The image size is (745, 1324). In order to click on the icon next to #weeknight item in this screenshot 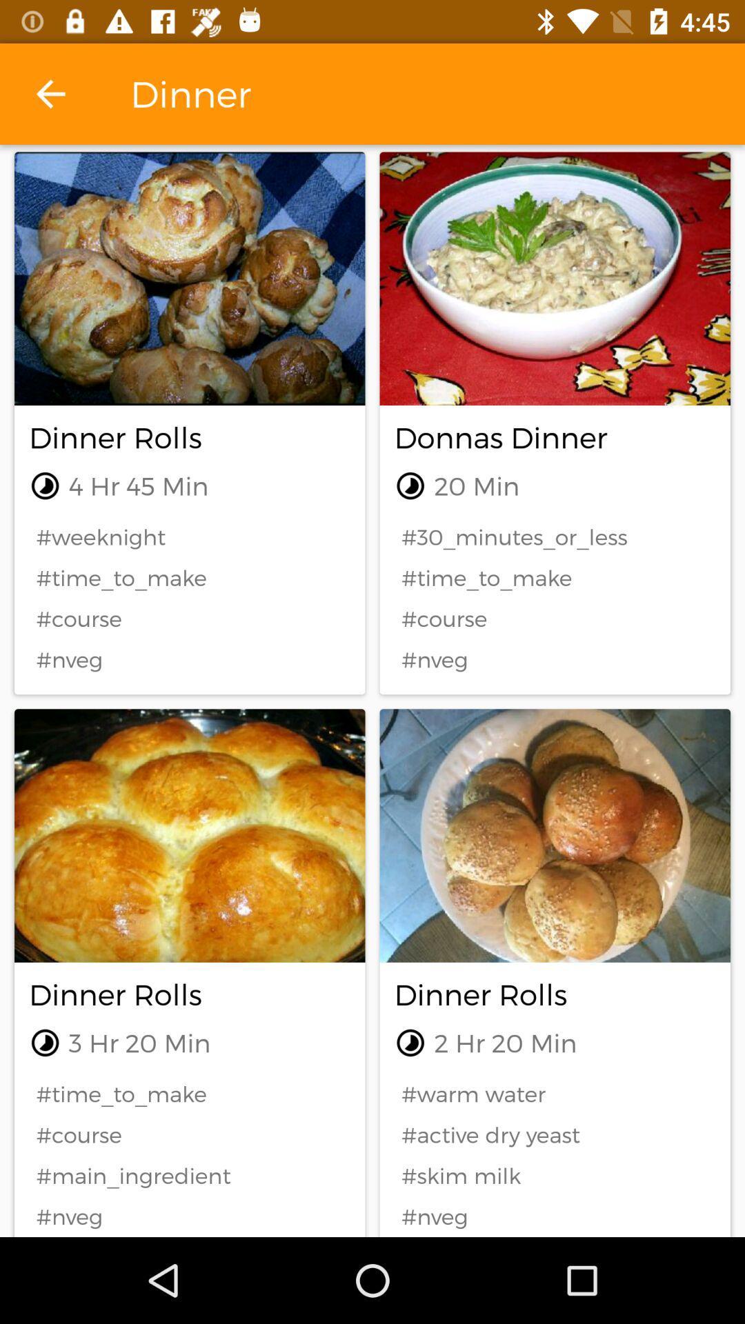, I will do `click(554, 536)`.